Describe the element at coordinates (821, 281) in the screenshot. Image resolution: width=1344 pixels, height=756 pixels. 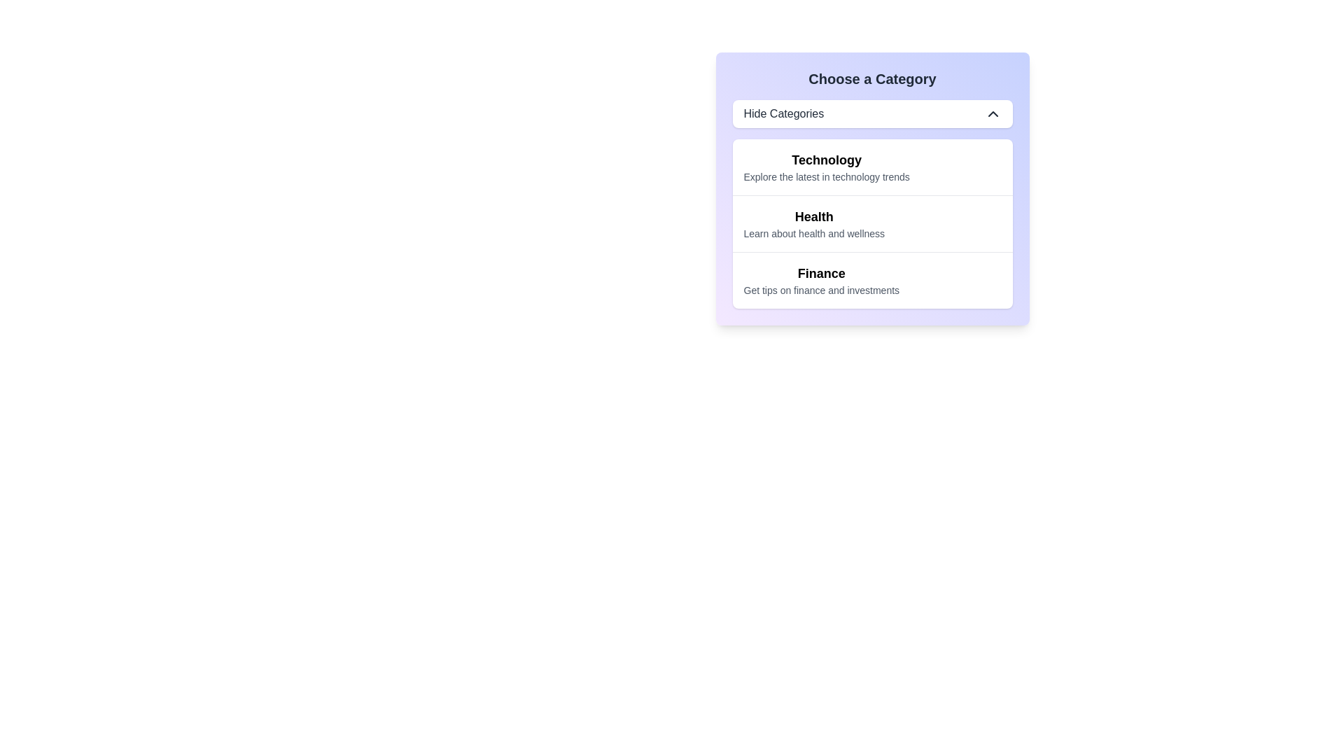
I see `the informational text block for the 'Finance' category, which is the third item in the 'Choose a Category' list` at that location.